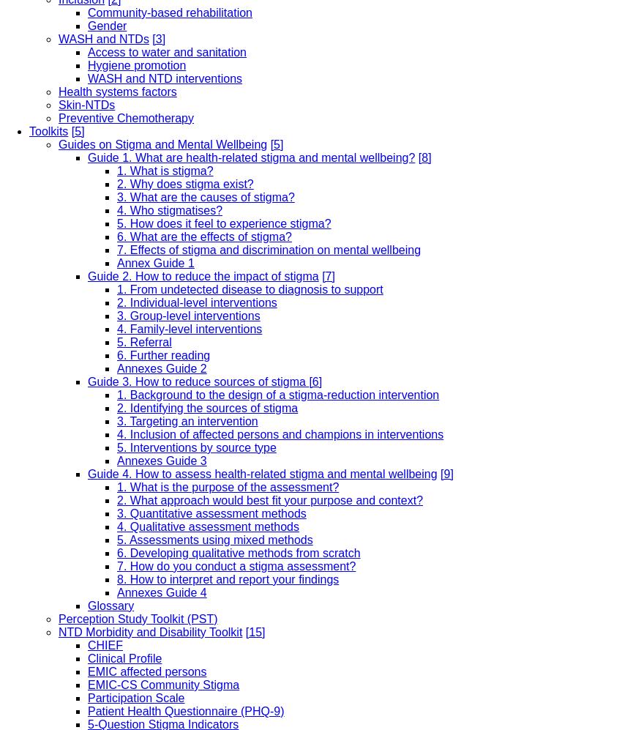 Image resolution: width=622 pixels, height=730 pixels. Describe the element at coordinates (110, 605) in the screenshot. I see `'Glossary'` at that location.